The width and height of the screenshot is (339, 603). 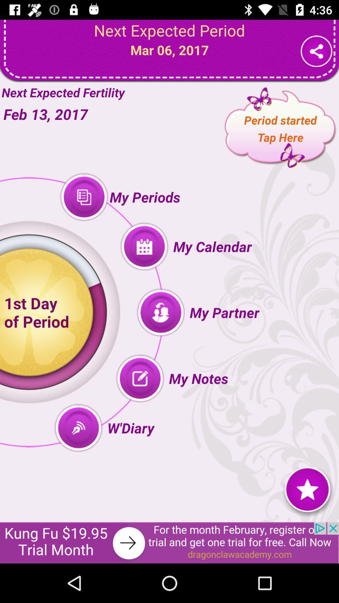 I want to click on the icon star button, so click(x=307, y=488).